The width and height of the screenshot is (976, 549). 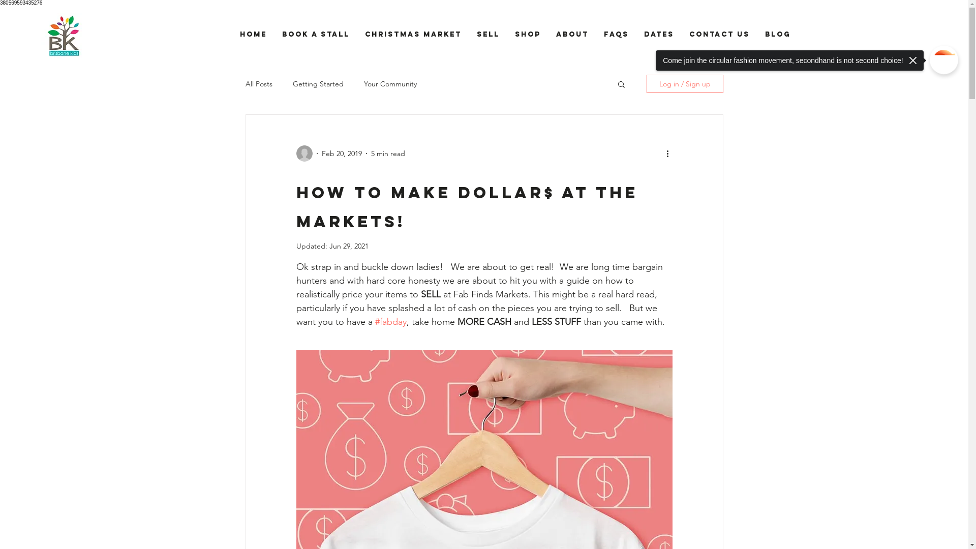 What do you see at coordinates (317, 83) in the screenshot?
I see `'Getting Started'` at bounding box center [317, 83].